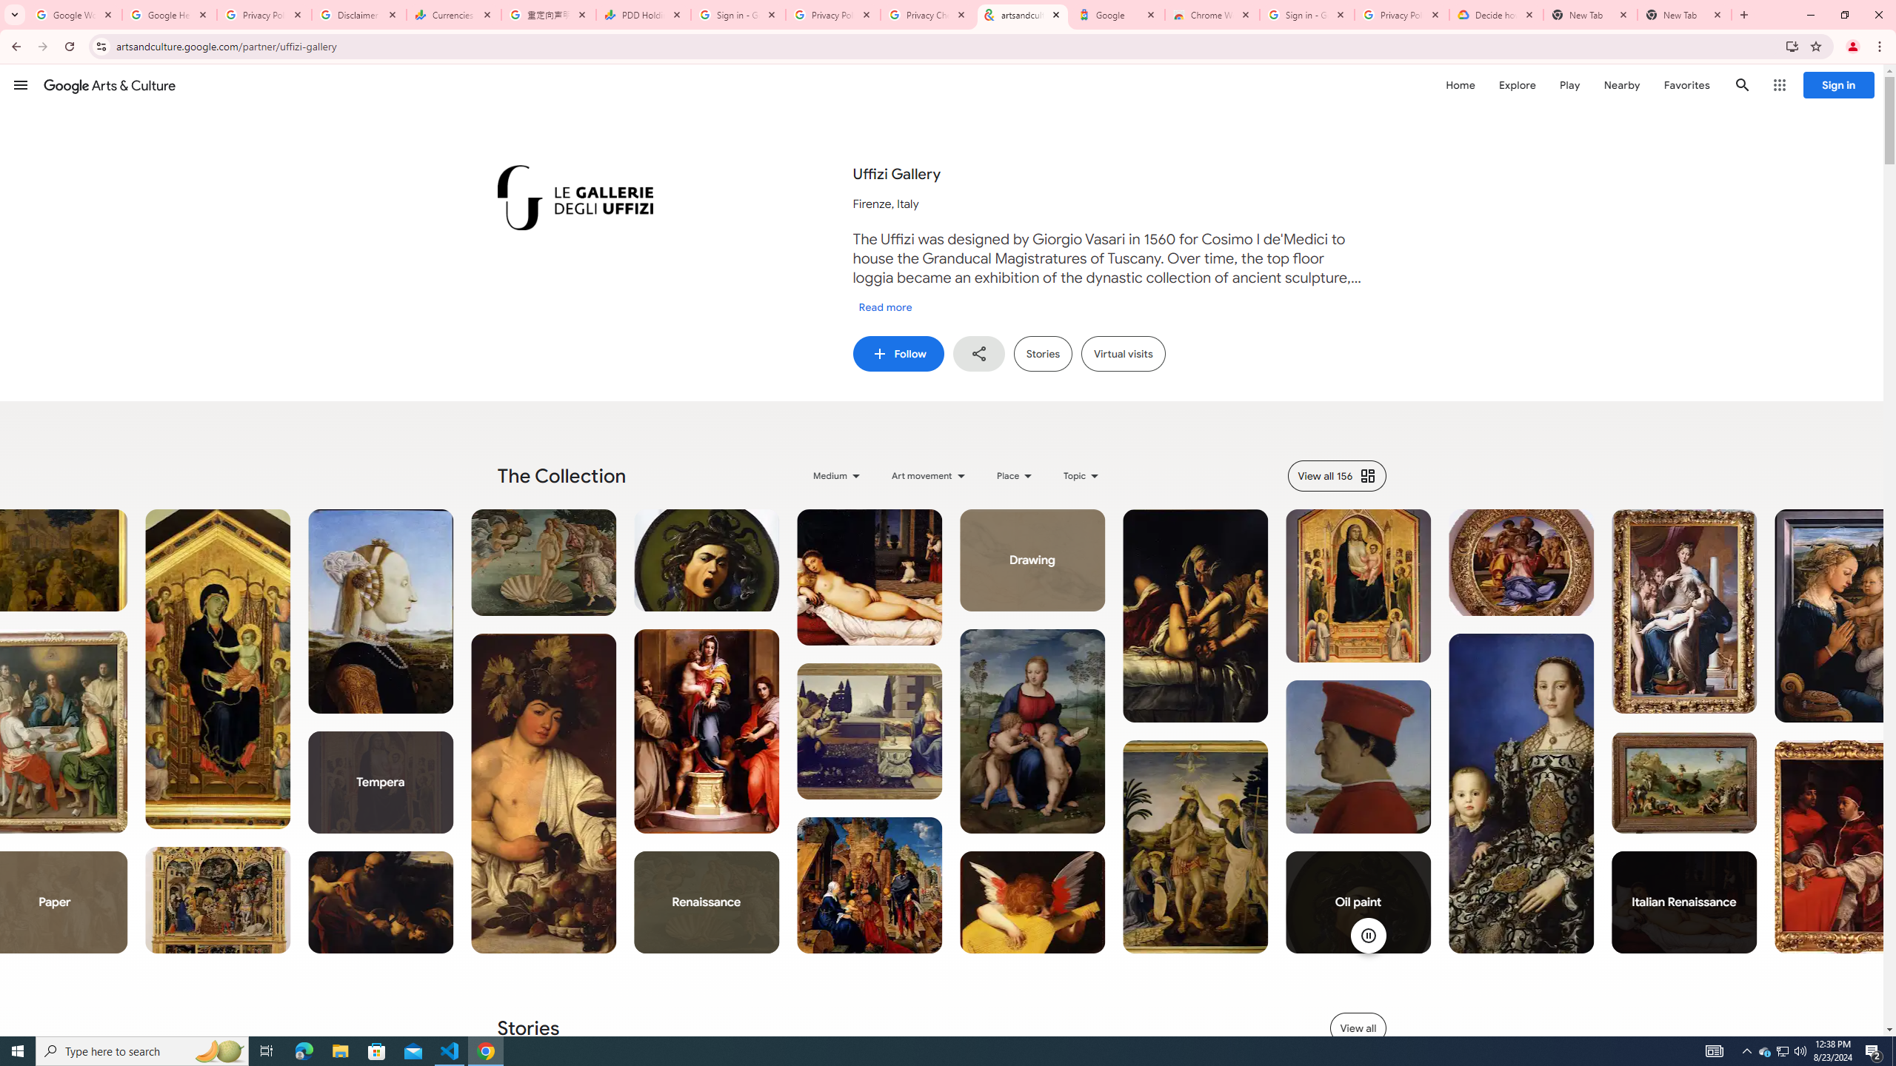  What do you see at coordinates (75, 14) in the screenshot?
I see `'Google Workspace Admin Community'` at bounding box center [75, 14].